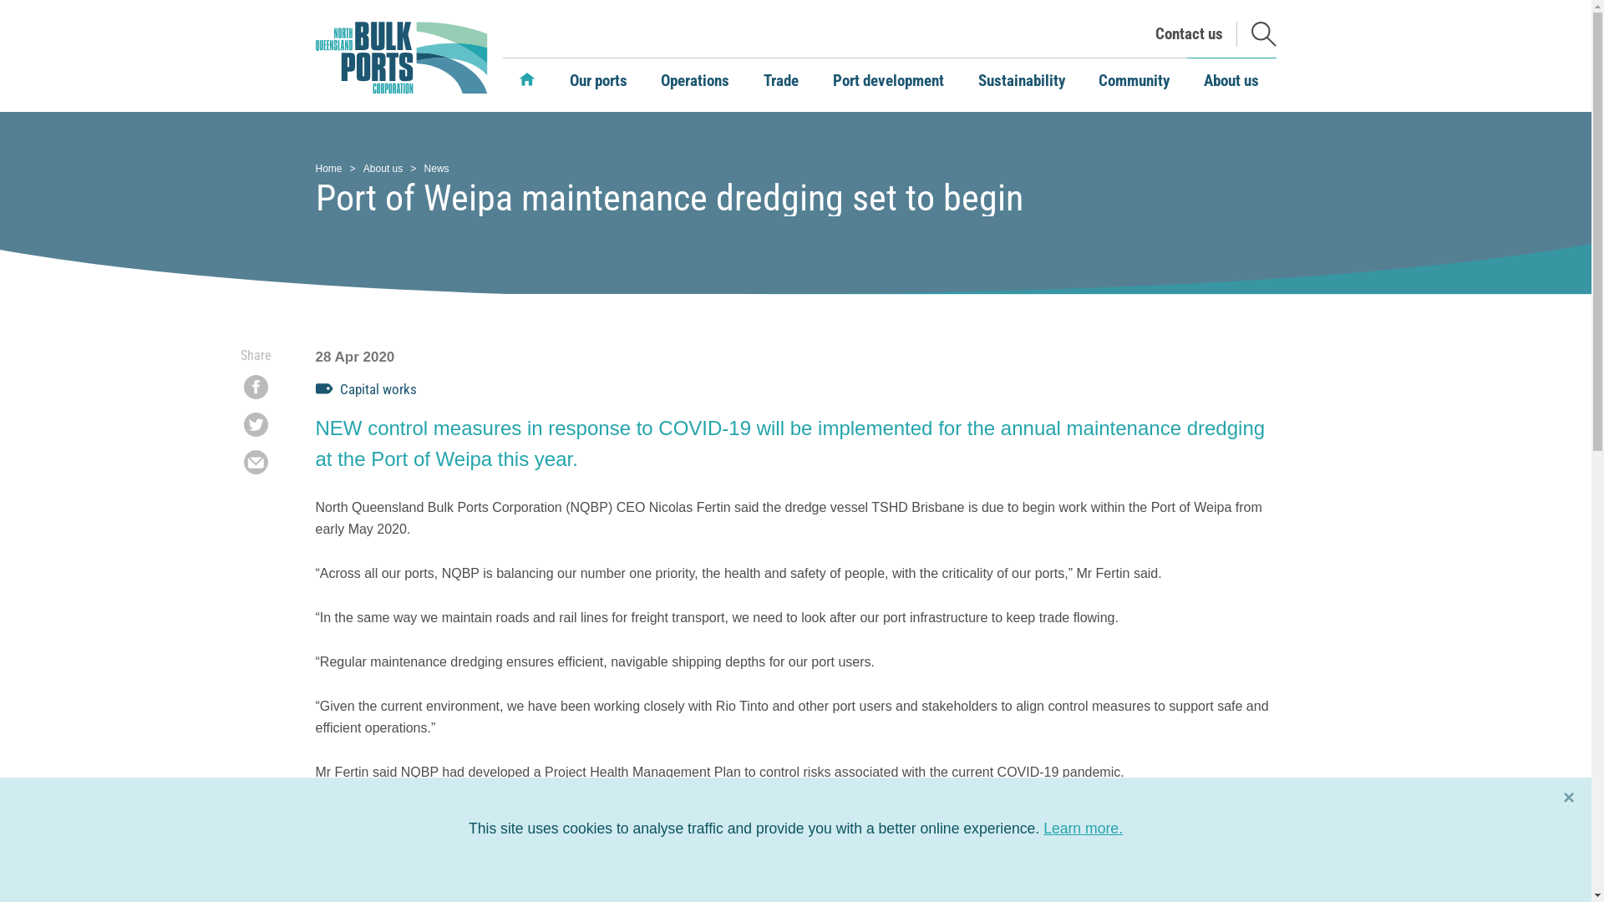 Image resolution: width=1604 pixels, height=902 pixels. What do you see at coordinates (255, 426) in the screenshot?
I see `'Share on Twitter'` at bounding box center [255, 426].